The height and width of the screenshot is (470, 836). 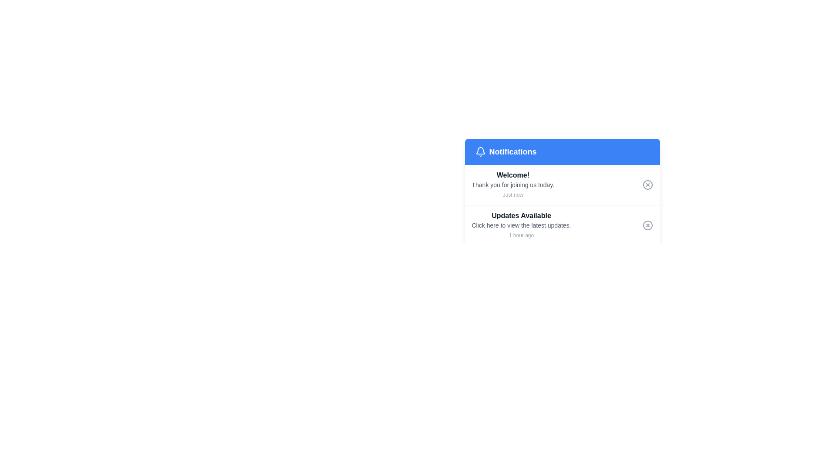 What do you see at coordinates (562, 225) in the screenshot?
I see `the second Notification List Item in the notification list, which provides updates and invites users to click for more details` at bounding box center [562, 225].